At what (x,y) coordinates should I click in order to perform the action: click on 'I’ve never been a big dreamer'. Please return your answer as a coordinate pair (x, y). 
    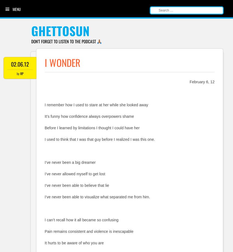
    Looking at the image, I should click on (45, 162).